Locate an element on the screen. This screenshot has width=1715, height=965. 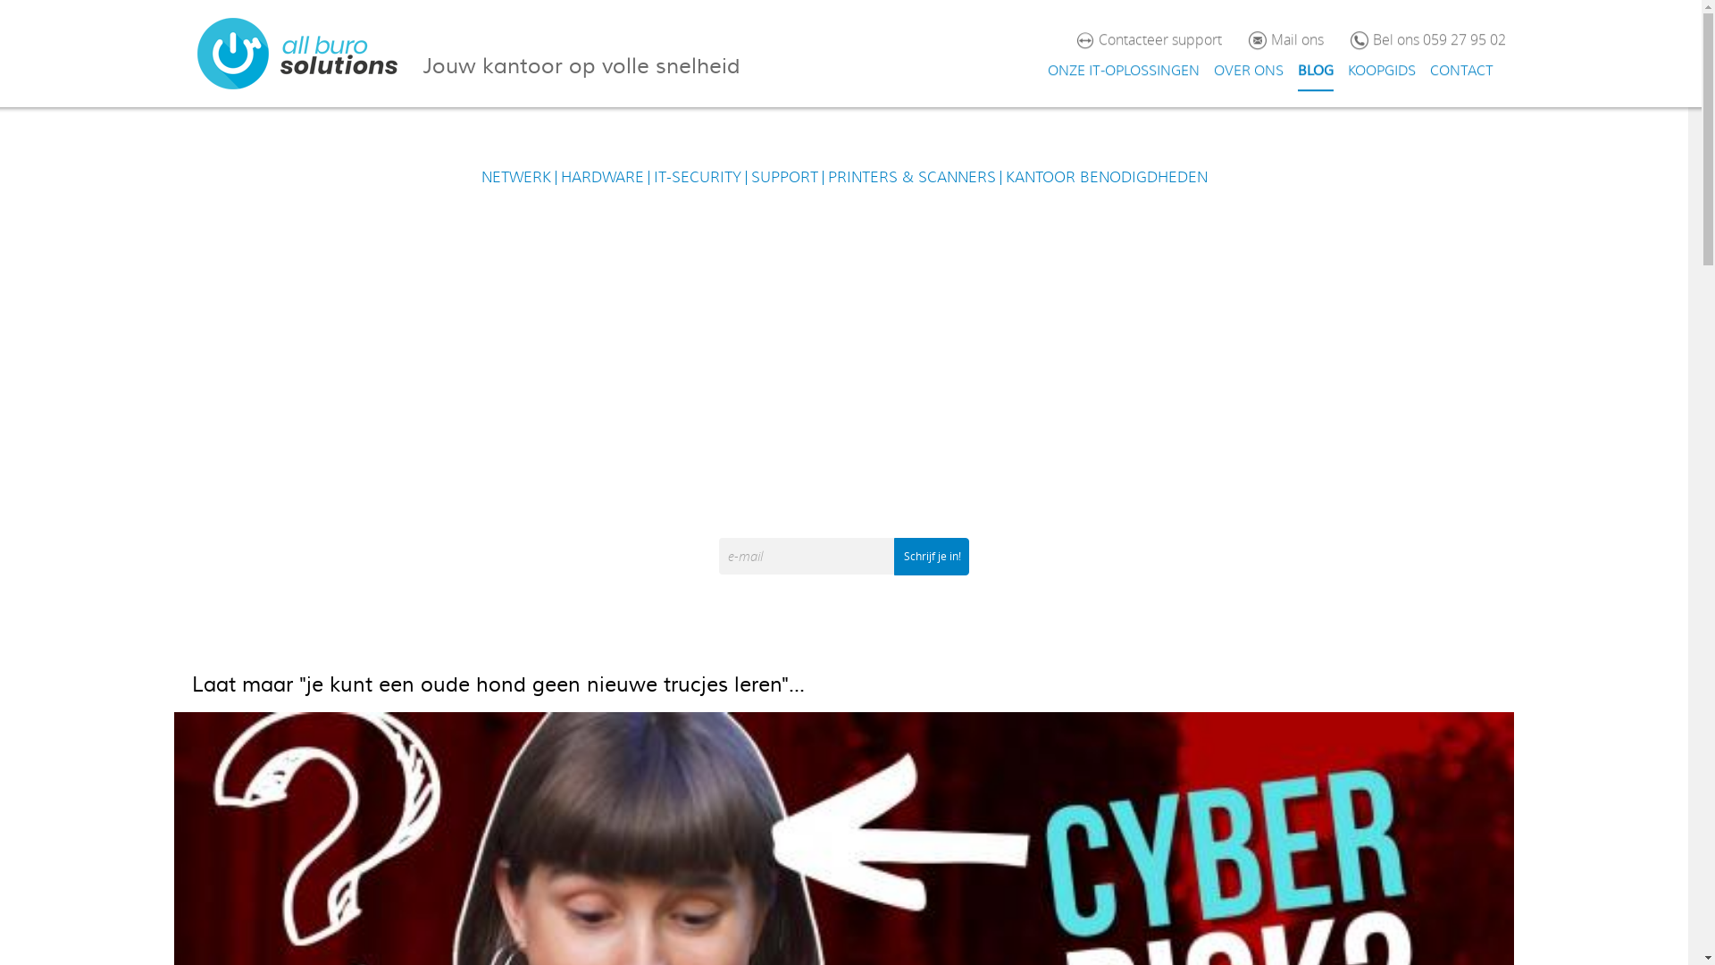
'ONZE IT-OPLOSSINGEN' is located at coordinates (1122, 71).